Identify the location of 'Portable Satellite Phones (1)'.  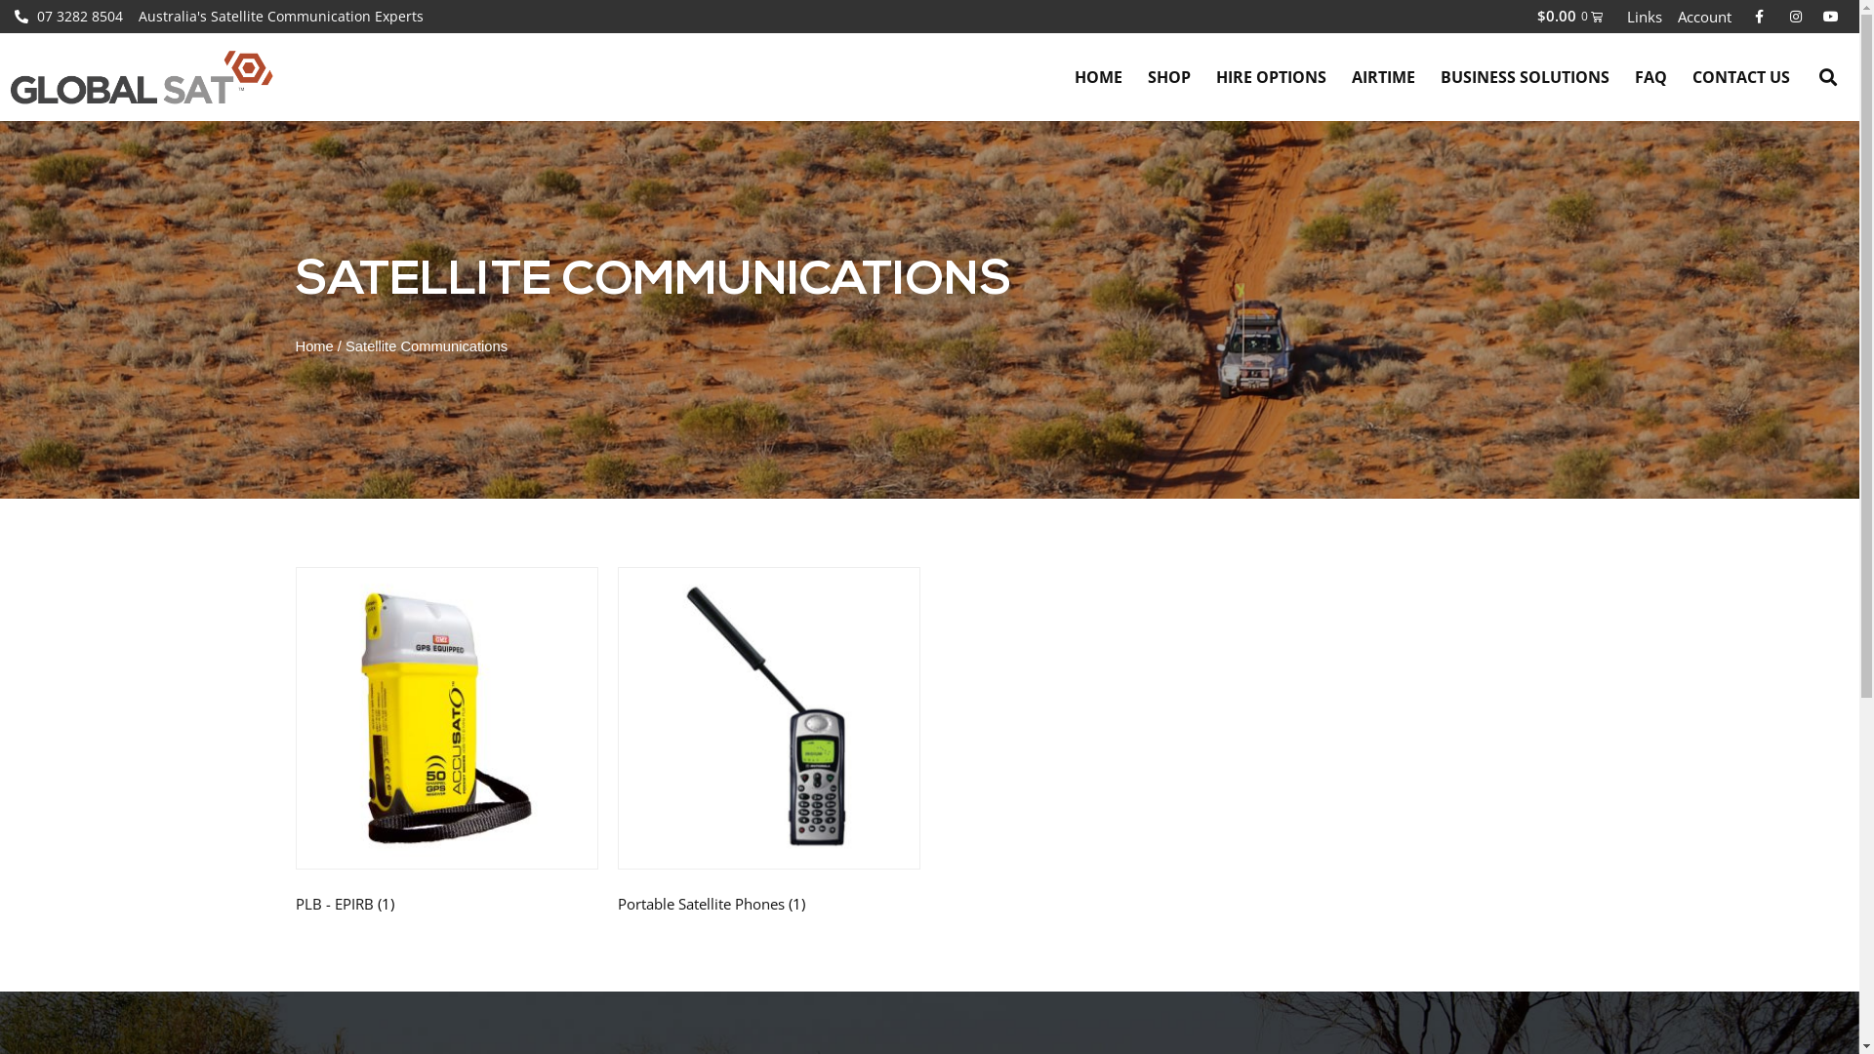
(767, 745).